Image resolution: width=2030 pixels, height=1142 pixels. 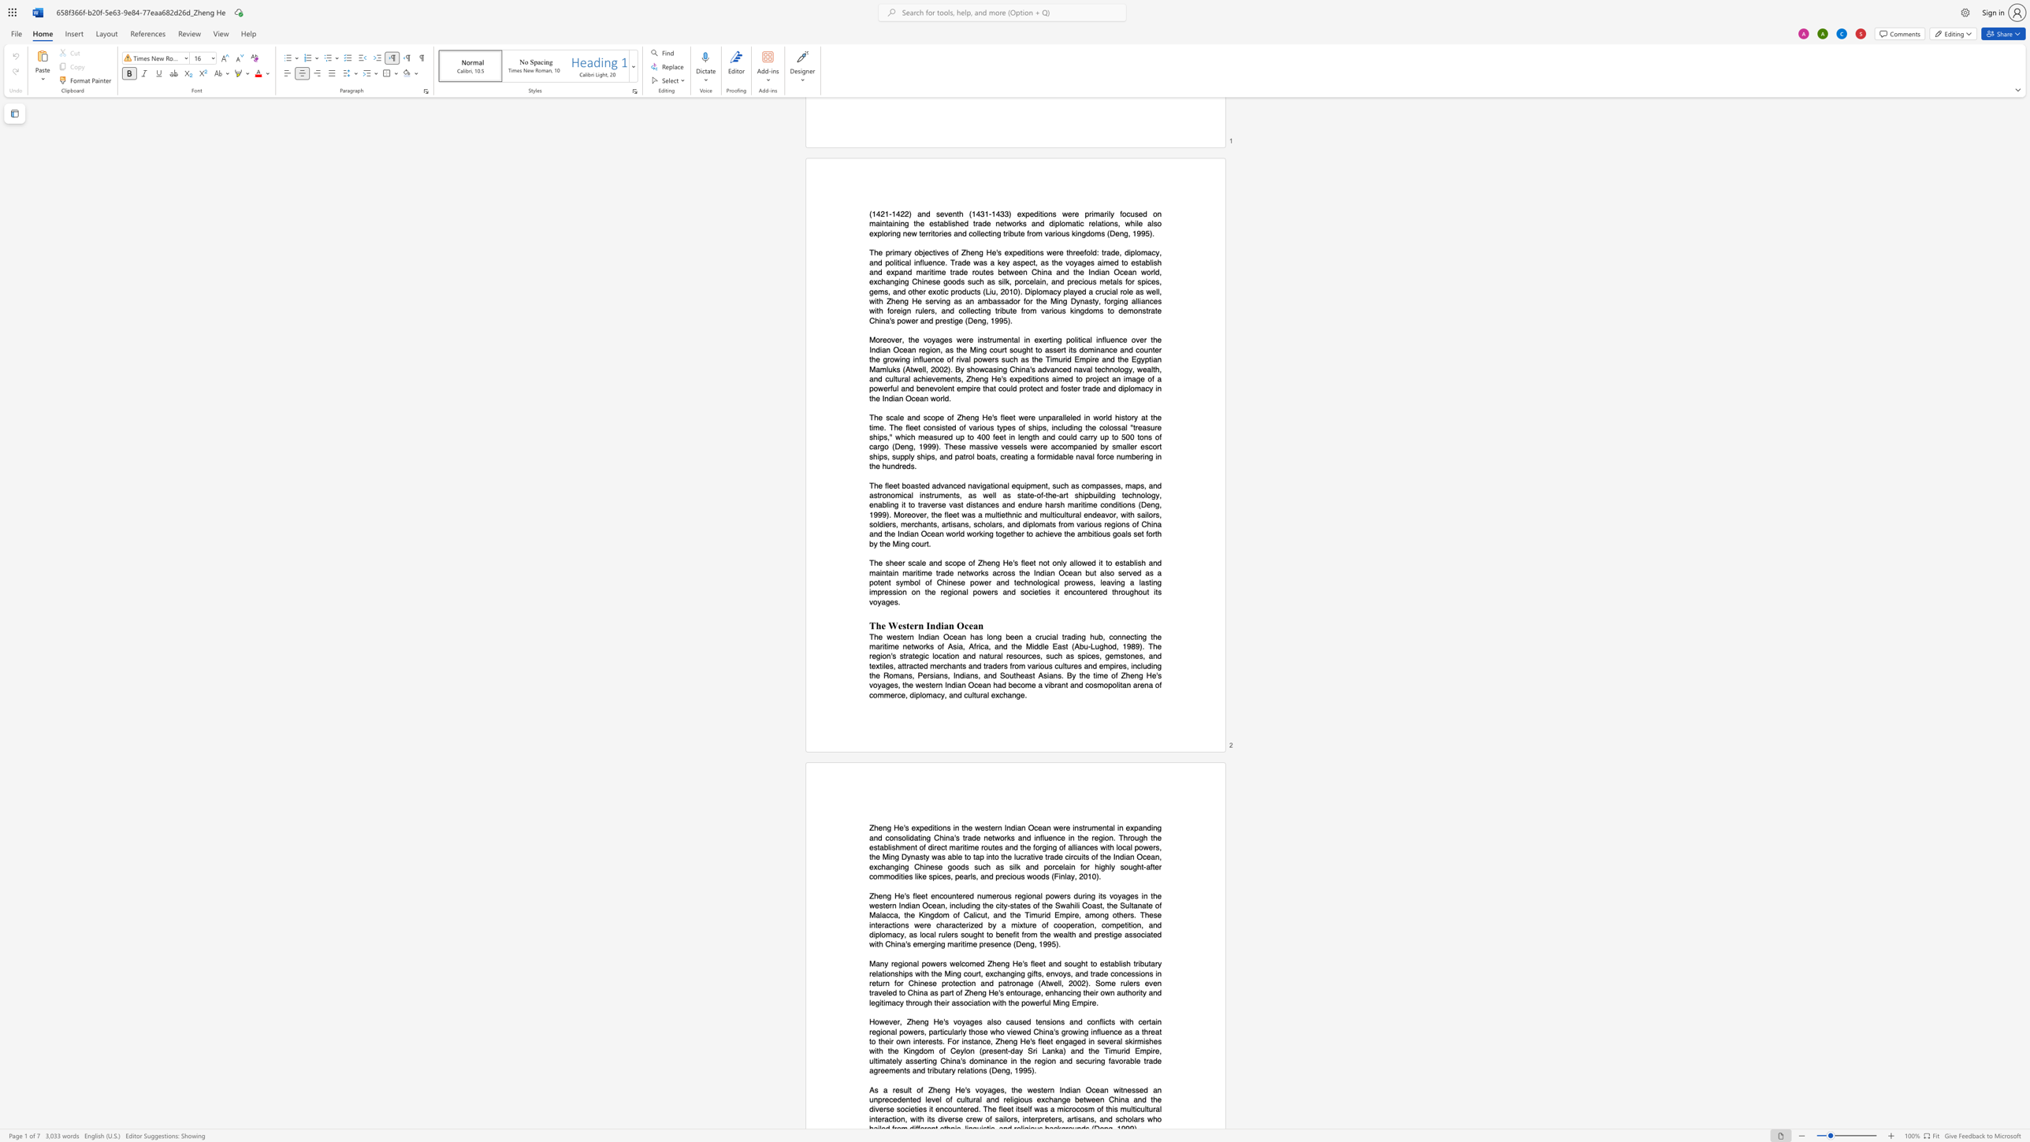 What do you see at coordinates (878, 993) in the screenshot?
I see `the subset text "veled to China as part of Zheng He" within the text "tributary relationships with the Ming court, exchanging gifts, envoys, and trade concessions in return for Chinese protection and patronage (Atwell, 2002). Some rulers even traveled to China as part of Zheng He"` at bounding box center [878, 993].